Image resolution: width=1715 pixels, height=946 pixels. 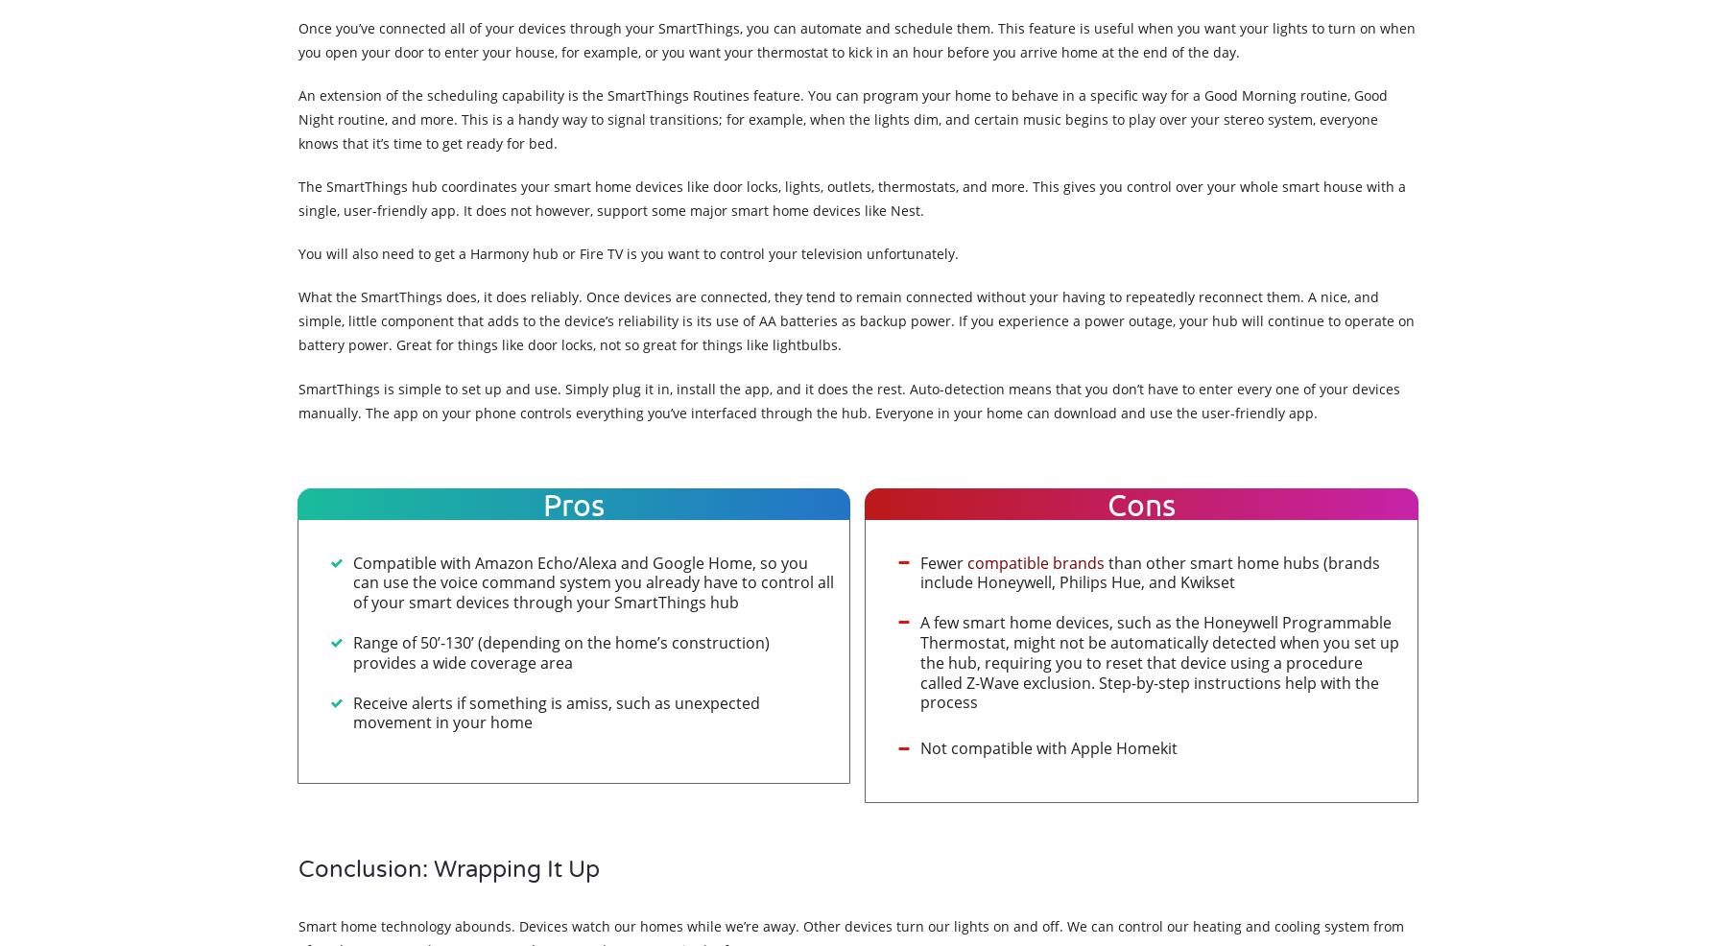 I want to click on 'Fewer', so click(x=942, y=561).